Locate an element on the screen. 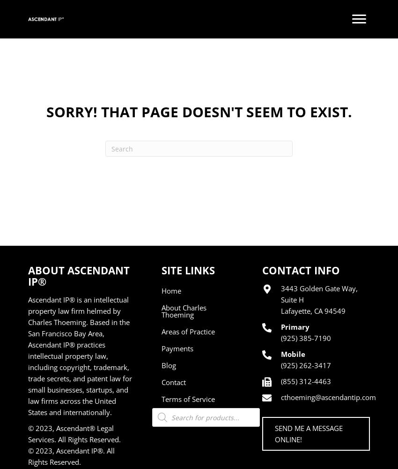 The height and width of the screenshot is (469, 398). 'Mobile' is located at coordinates (293, 354).